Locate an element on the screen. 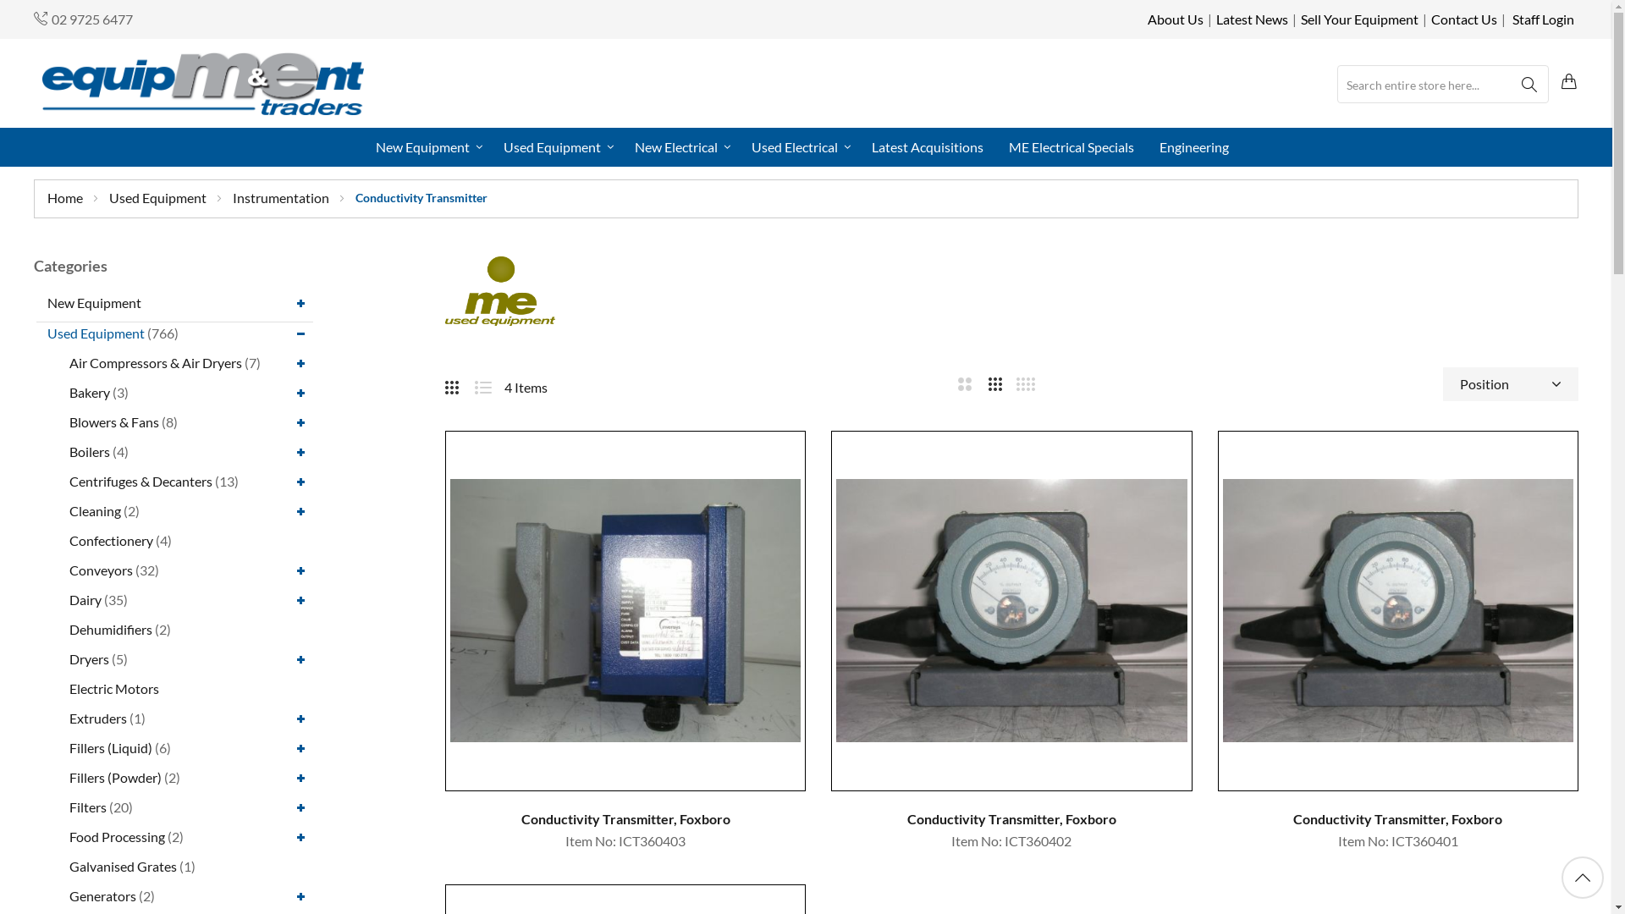 The width and height of the screenshot is (1625, 914). 'Search' is located at coordinates (1510, 85).